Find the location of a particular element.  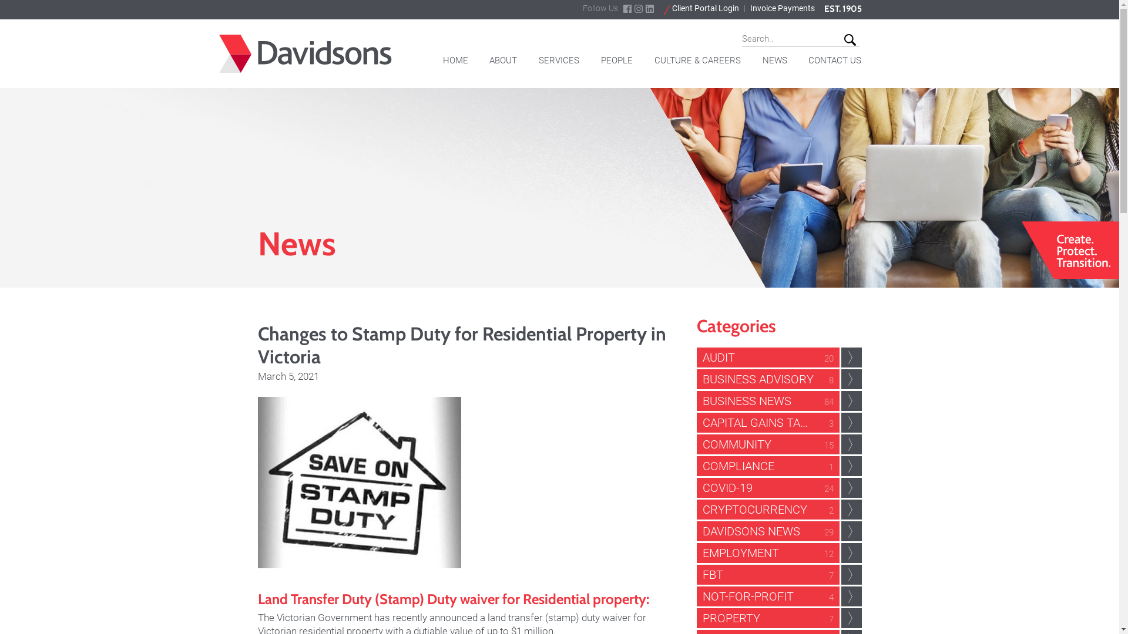

'linkdin' is located at coordinates (649, 9).